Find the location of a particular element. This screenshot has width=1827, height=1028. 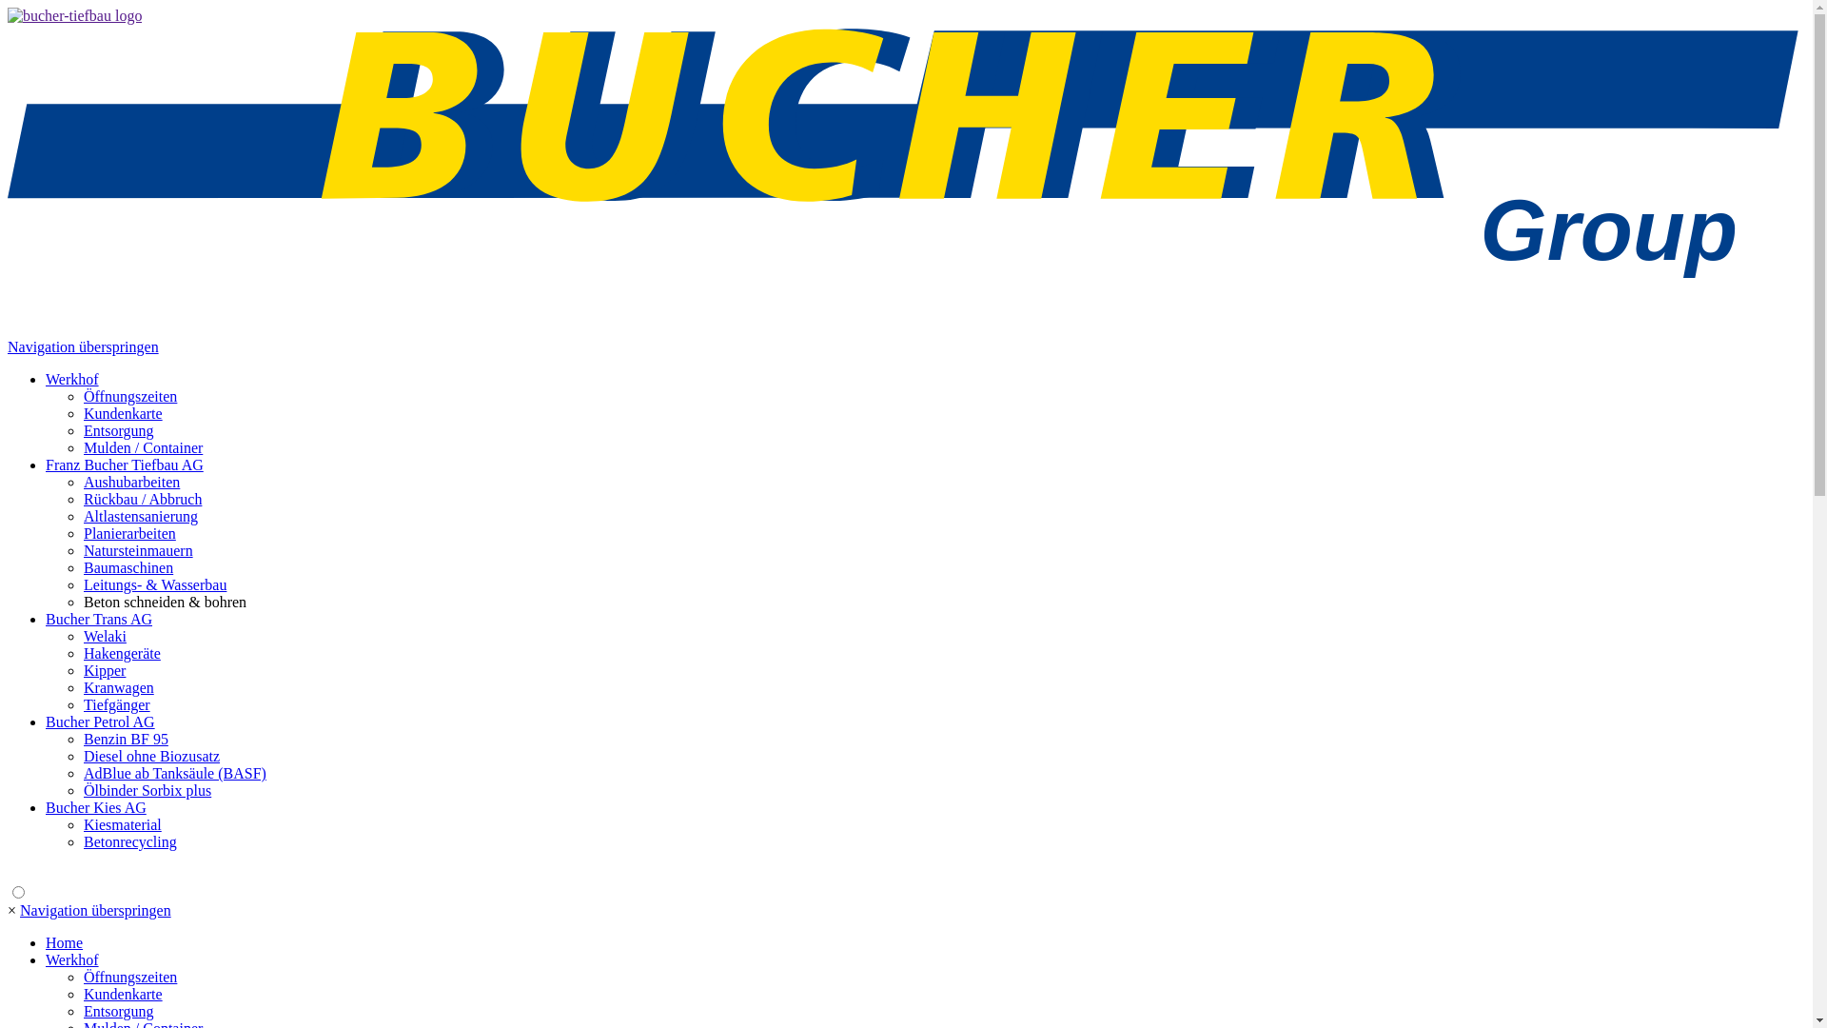

'Kiesmaterial' is located at coordinates (122, 823).